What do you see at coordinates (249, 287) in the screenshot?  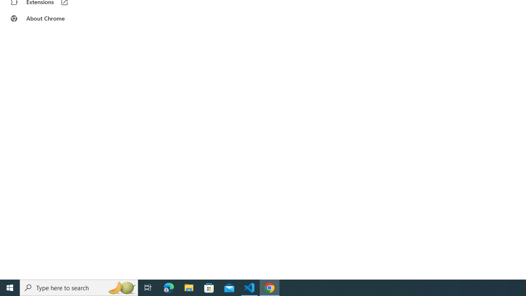 I see `'Visual Studio Code - 1 running window'` at bounding box center [249, 287].